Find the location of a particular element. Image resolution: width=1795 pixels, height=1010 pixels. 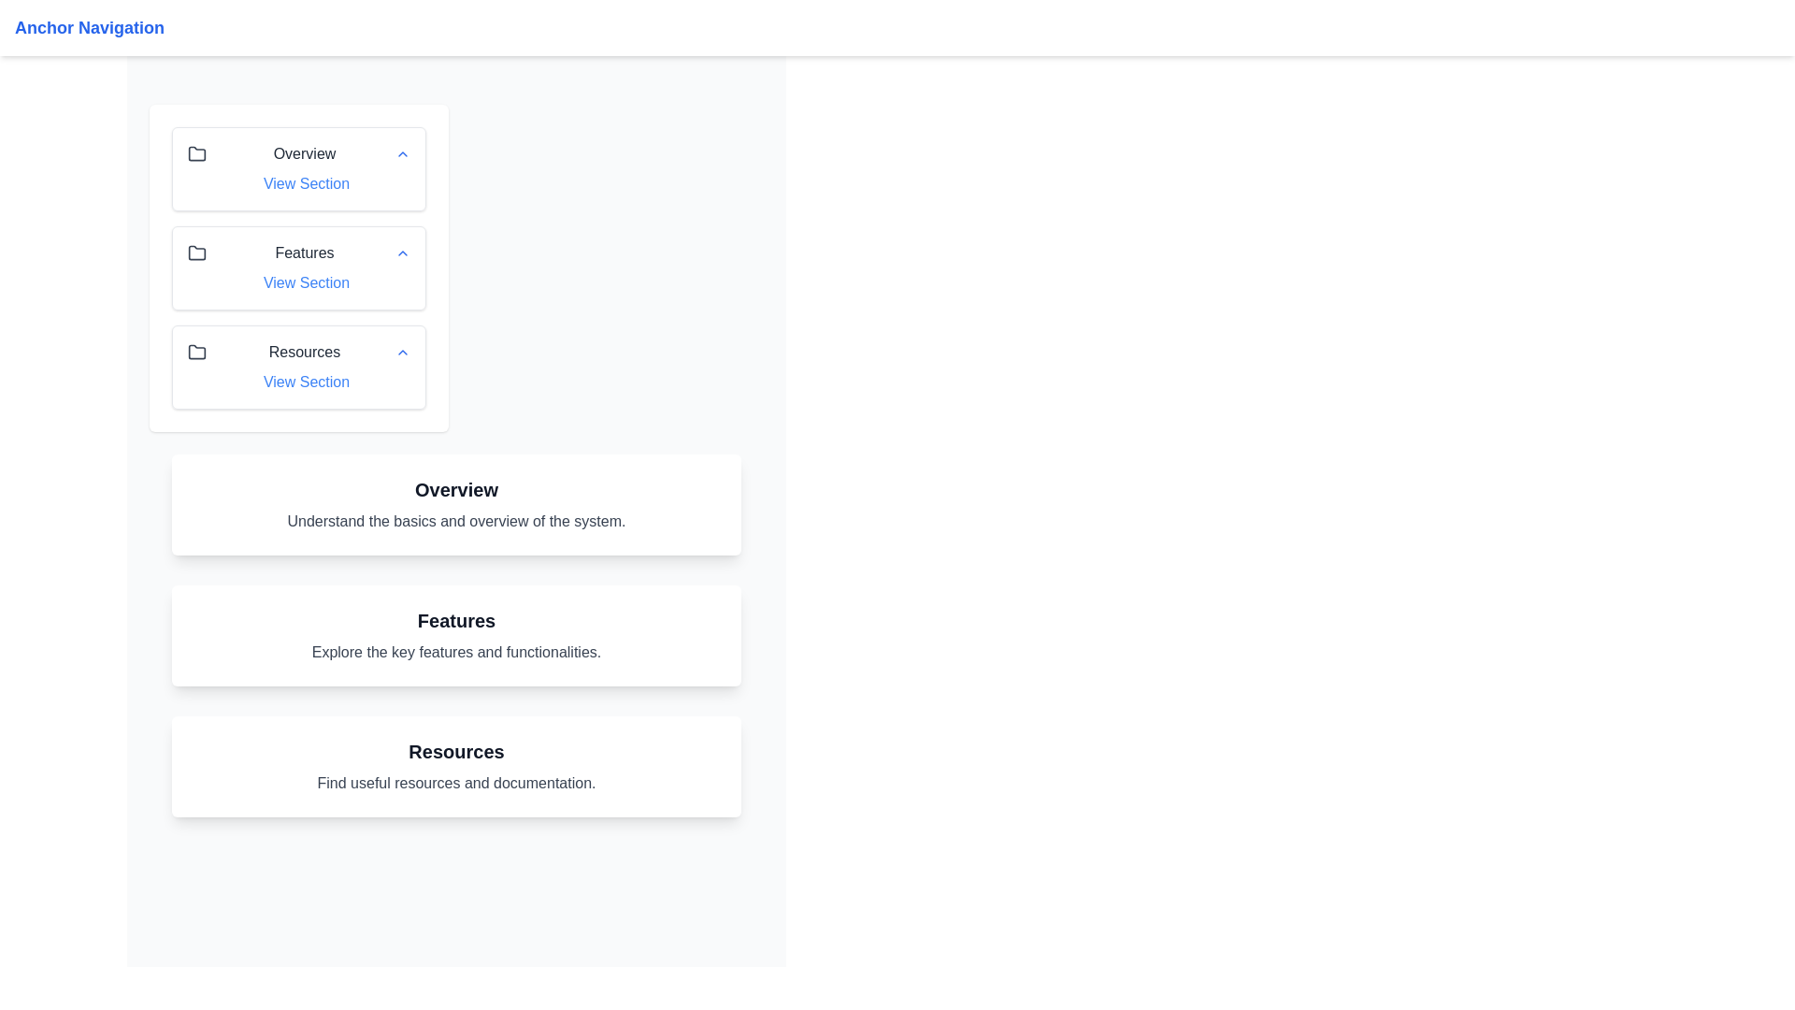

the Collapsible Section Header located as the third entry below 'Overview' and 'Features' in the vertically stacked group of collapsible items for keyboard navigation is located at coordinates (299, 353).